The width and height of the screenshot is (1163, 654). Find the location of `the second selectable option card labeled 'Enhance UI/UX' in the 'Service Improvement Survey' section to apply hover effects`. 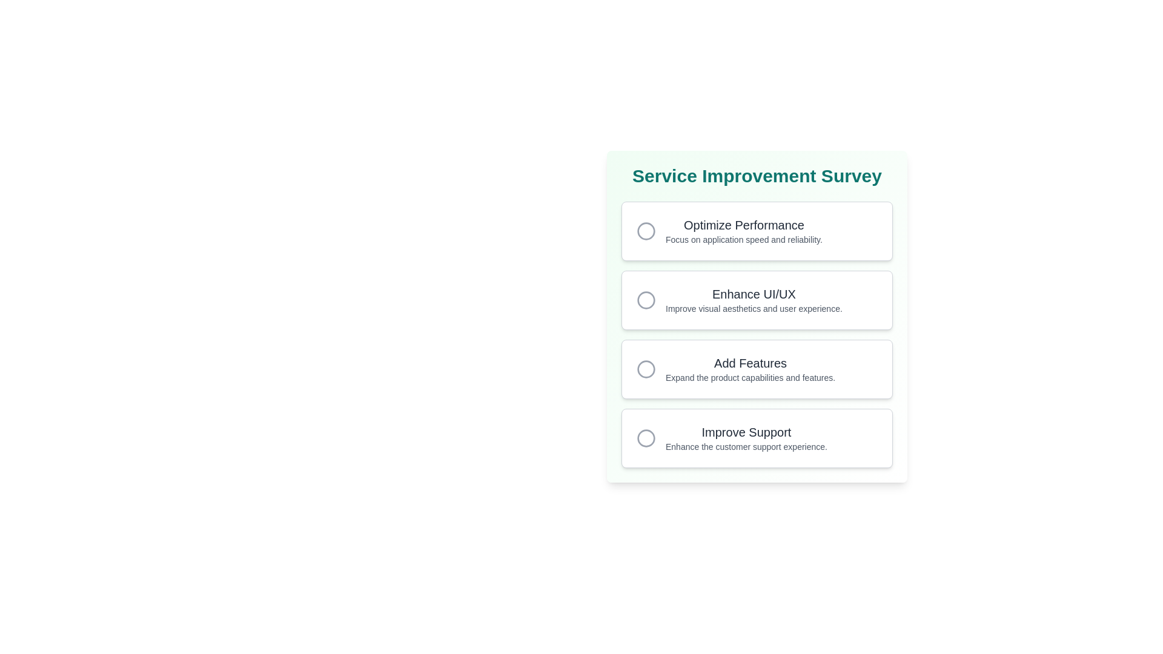

the second selectable option card labeled 'Enhance UI/UX' in the 'Service Improvement Survey' section to apply hover effects is located at coordinates (756, 300).